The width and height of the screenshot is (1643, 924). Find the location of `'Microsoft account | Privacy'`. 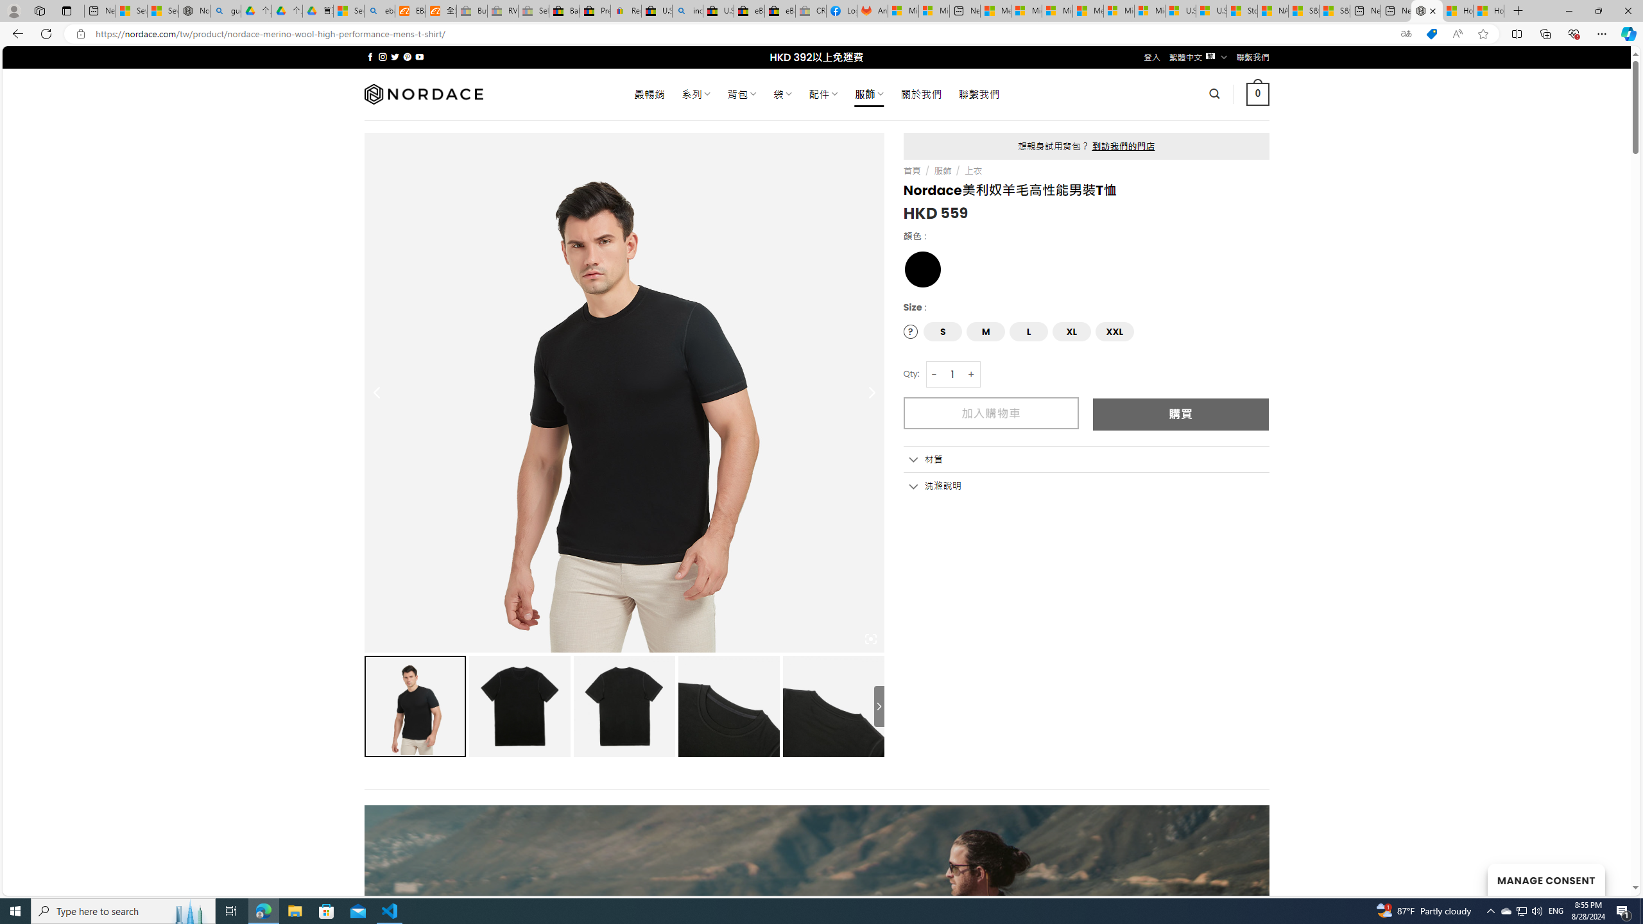

'Microsoft account | Privacy' is located at coordinates (1026, 10).